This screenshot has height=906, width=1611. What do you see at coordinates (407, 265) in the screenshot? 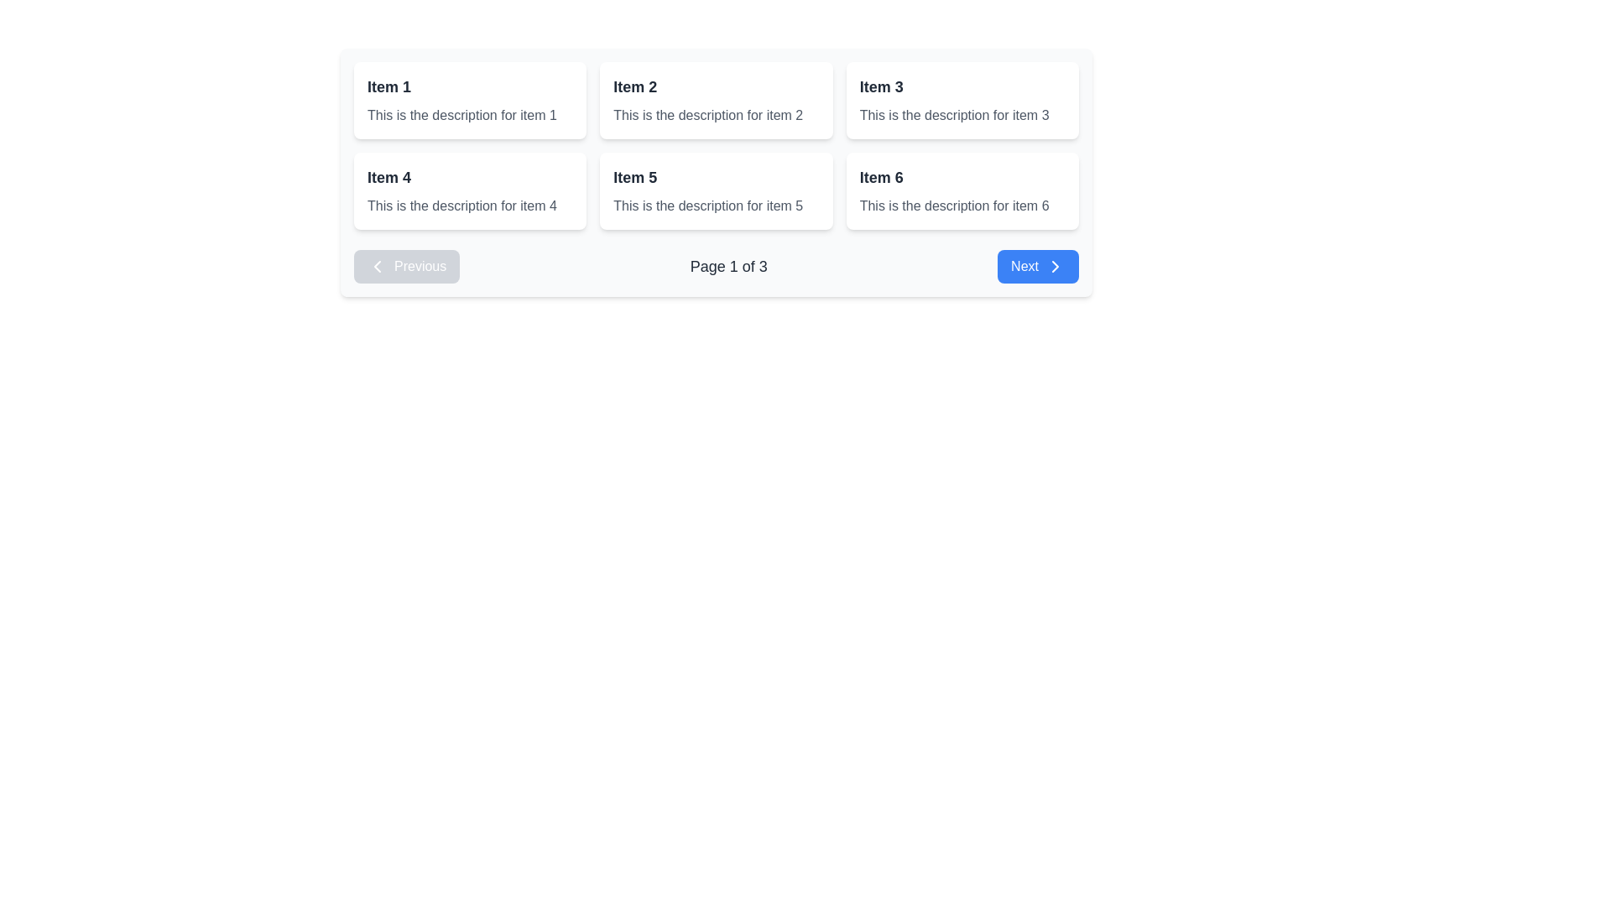
I see `the 'Previous' button located at the bottom left of the pagination controls` at bounding box center [407, 265].